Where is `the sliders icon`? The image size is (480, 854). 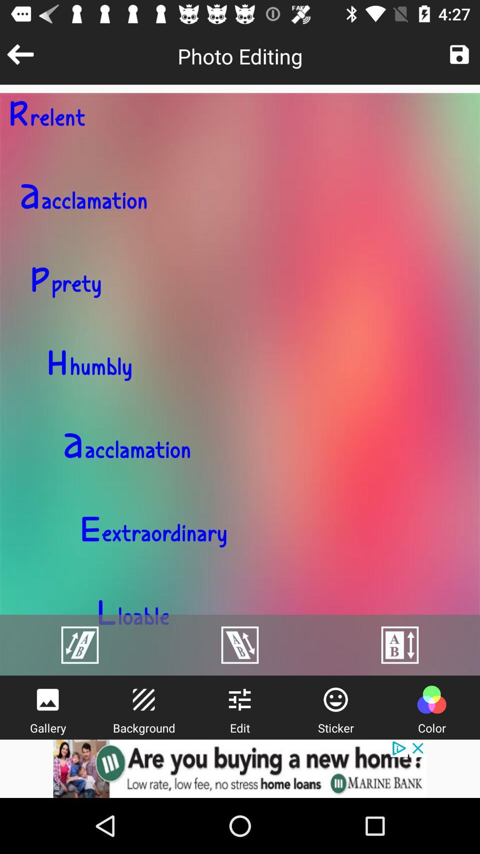
the sliders icon is located at coordinates (239, 699).